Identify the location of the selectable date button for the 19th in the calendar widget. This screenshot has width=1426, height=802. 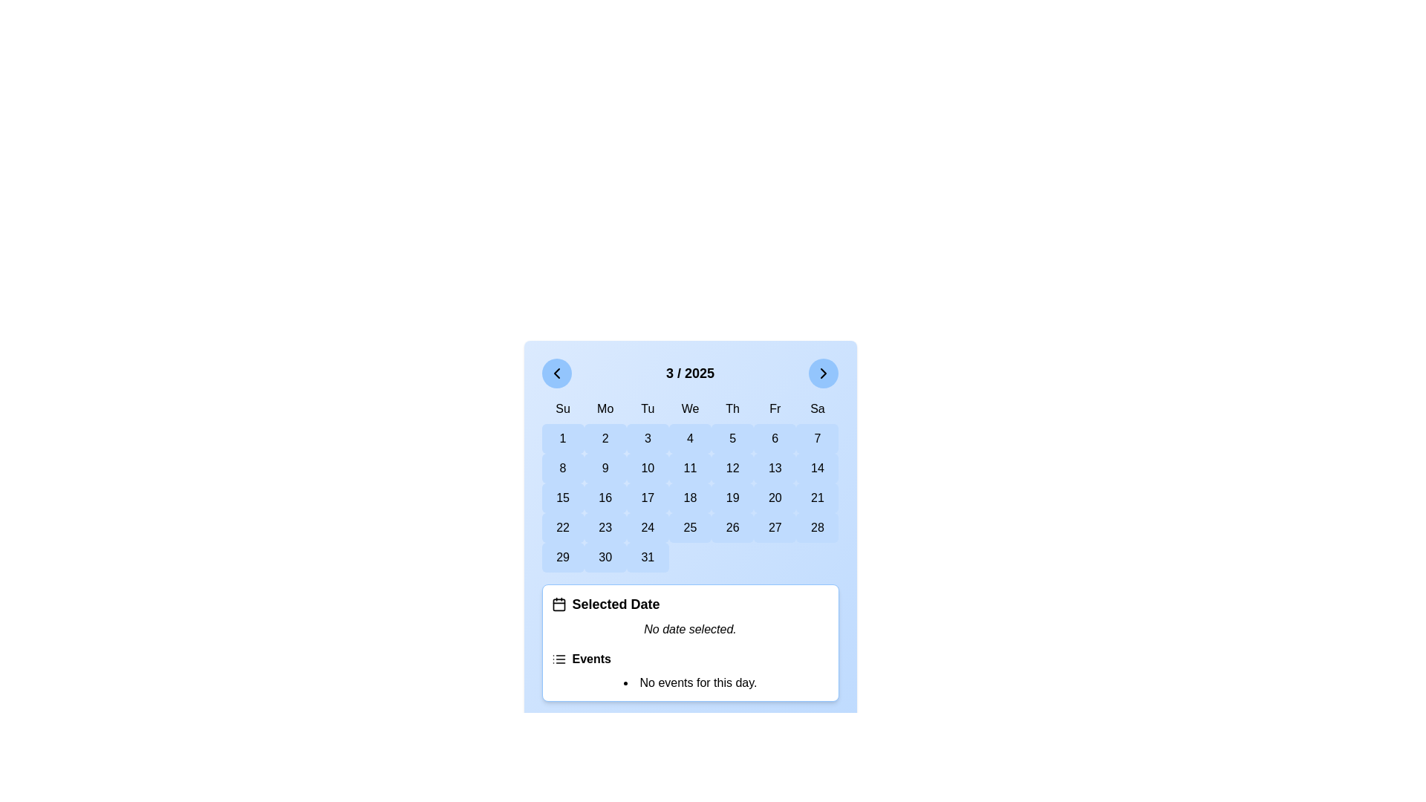
(732, 498).